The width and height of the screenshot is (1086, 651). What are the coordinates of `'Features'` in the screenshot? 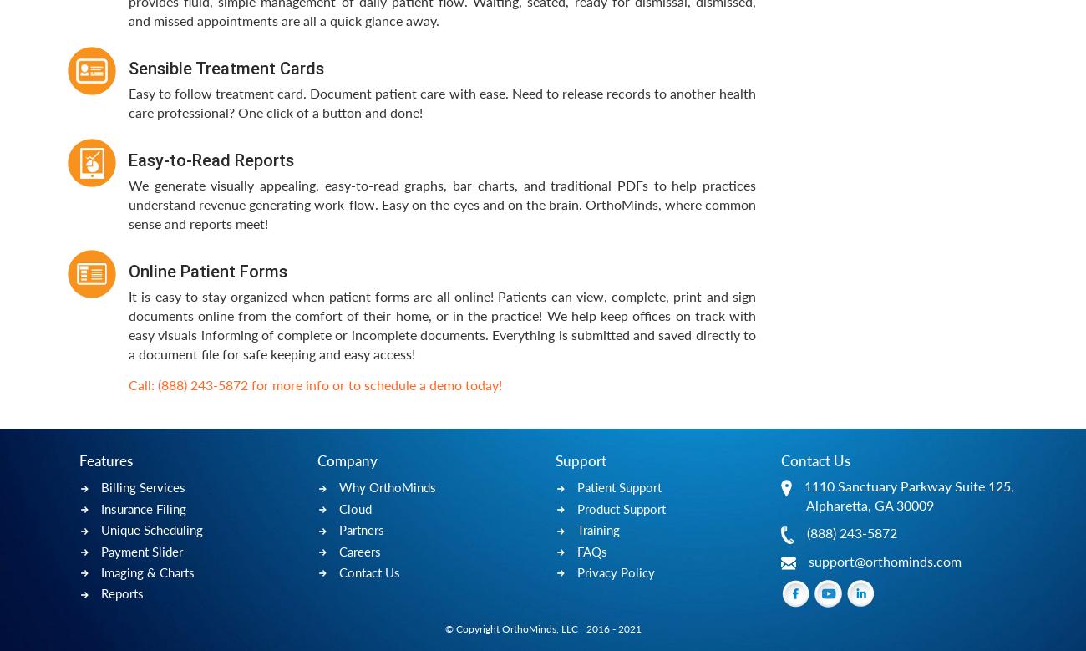 It's located at (105, 459).